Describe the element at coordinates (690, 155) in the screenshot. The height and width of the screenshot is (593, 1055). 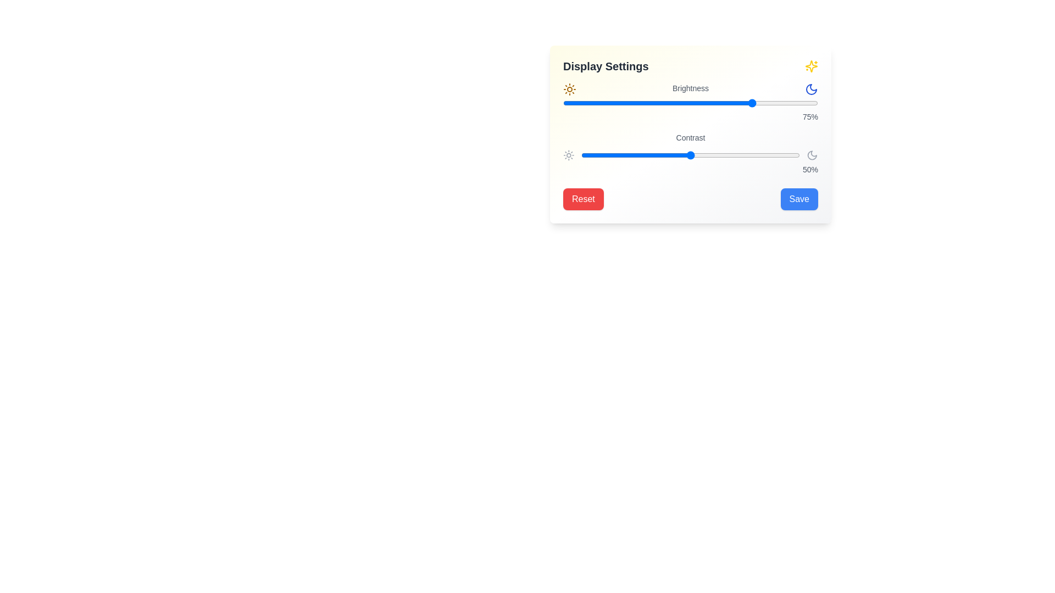
I see `the contrast range slider to set a new value, which is centrally located adjacent to the 'Contrast' label and the '50%' indicator` at that location.